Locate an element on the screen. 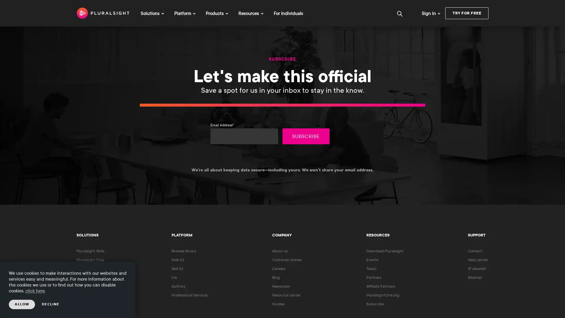 This screenshot has height=318, width=565. ALLOW is located at coordinates (22, 304).